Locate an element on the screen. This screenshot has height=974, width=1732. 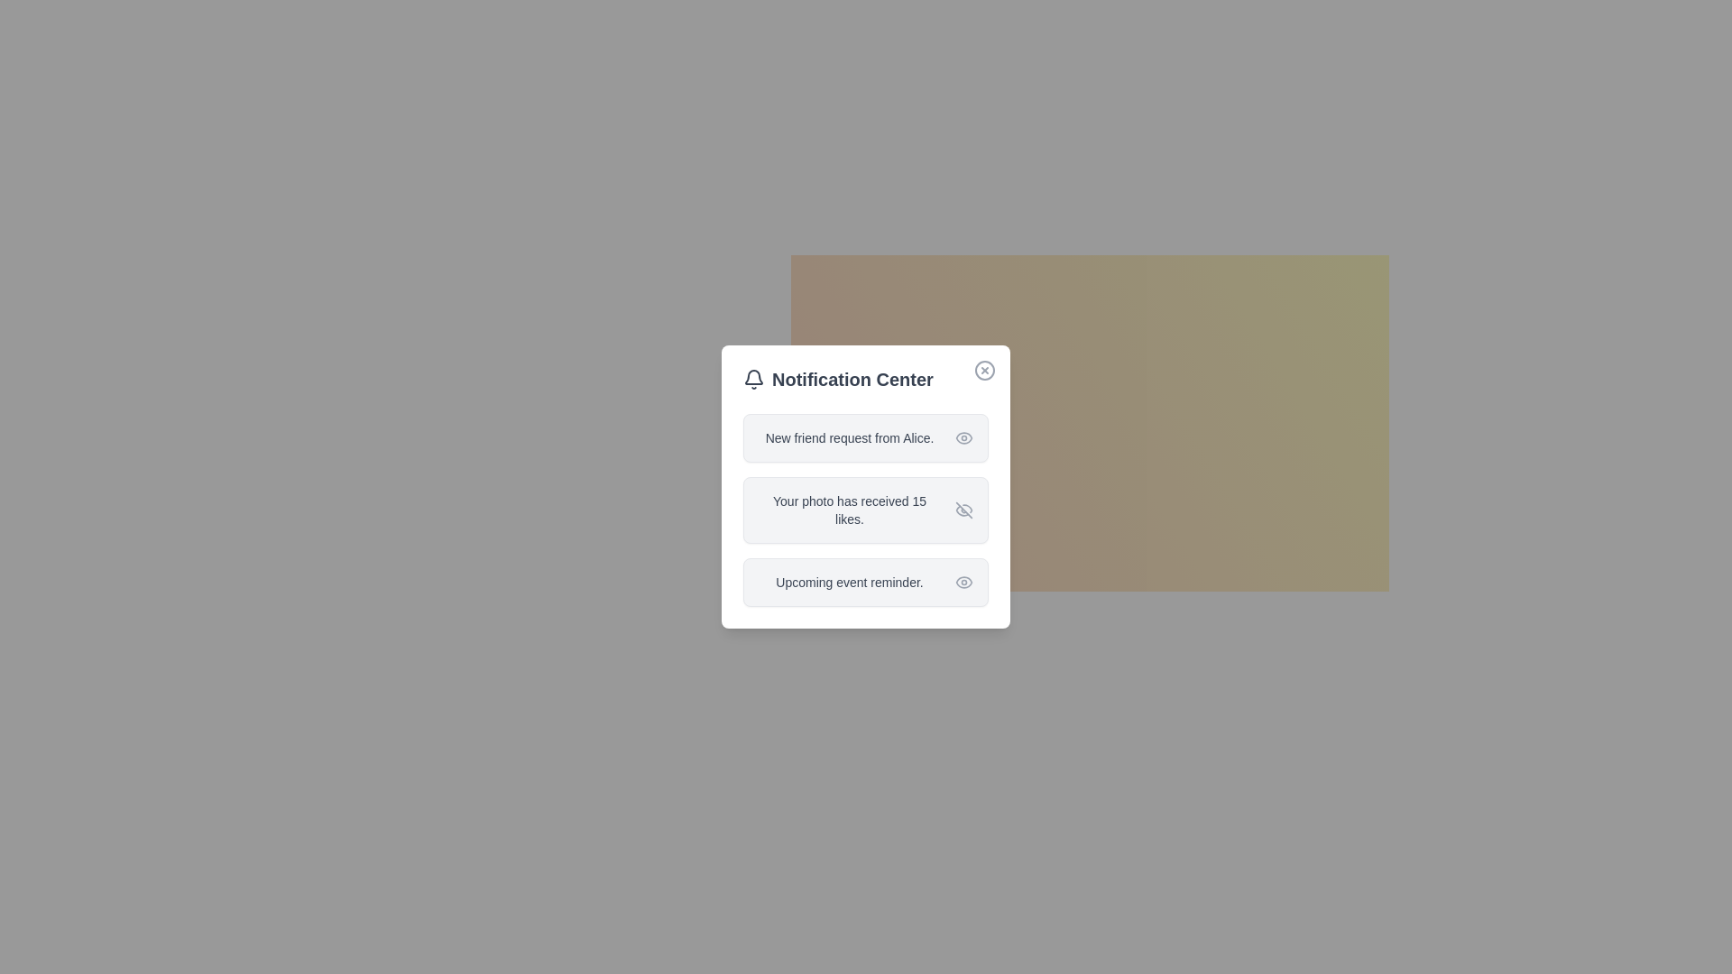
the eye-shaped icon in the notification card stating 'New friend request from Alice' is located at coordinates (963, 438).